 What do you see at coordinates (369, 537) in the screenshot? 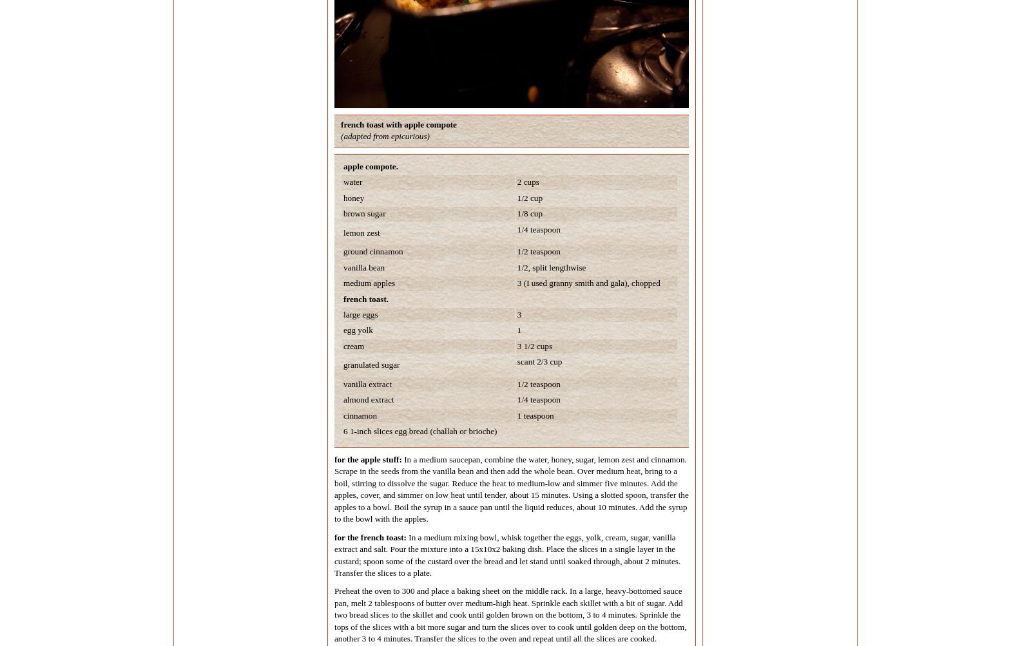
I see `'for the french toast:'` at bounding box center [369, 537].